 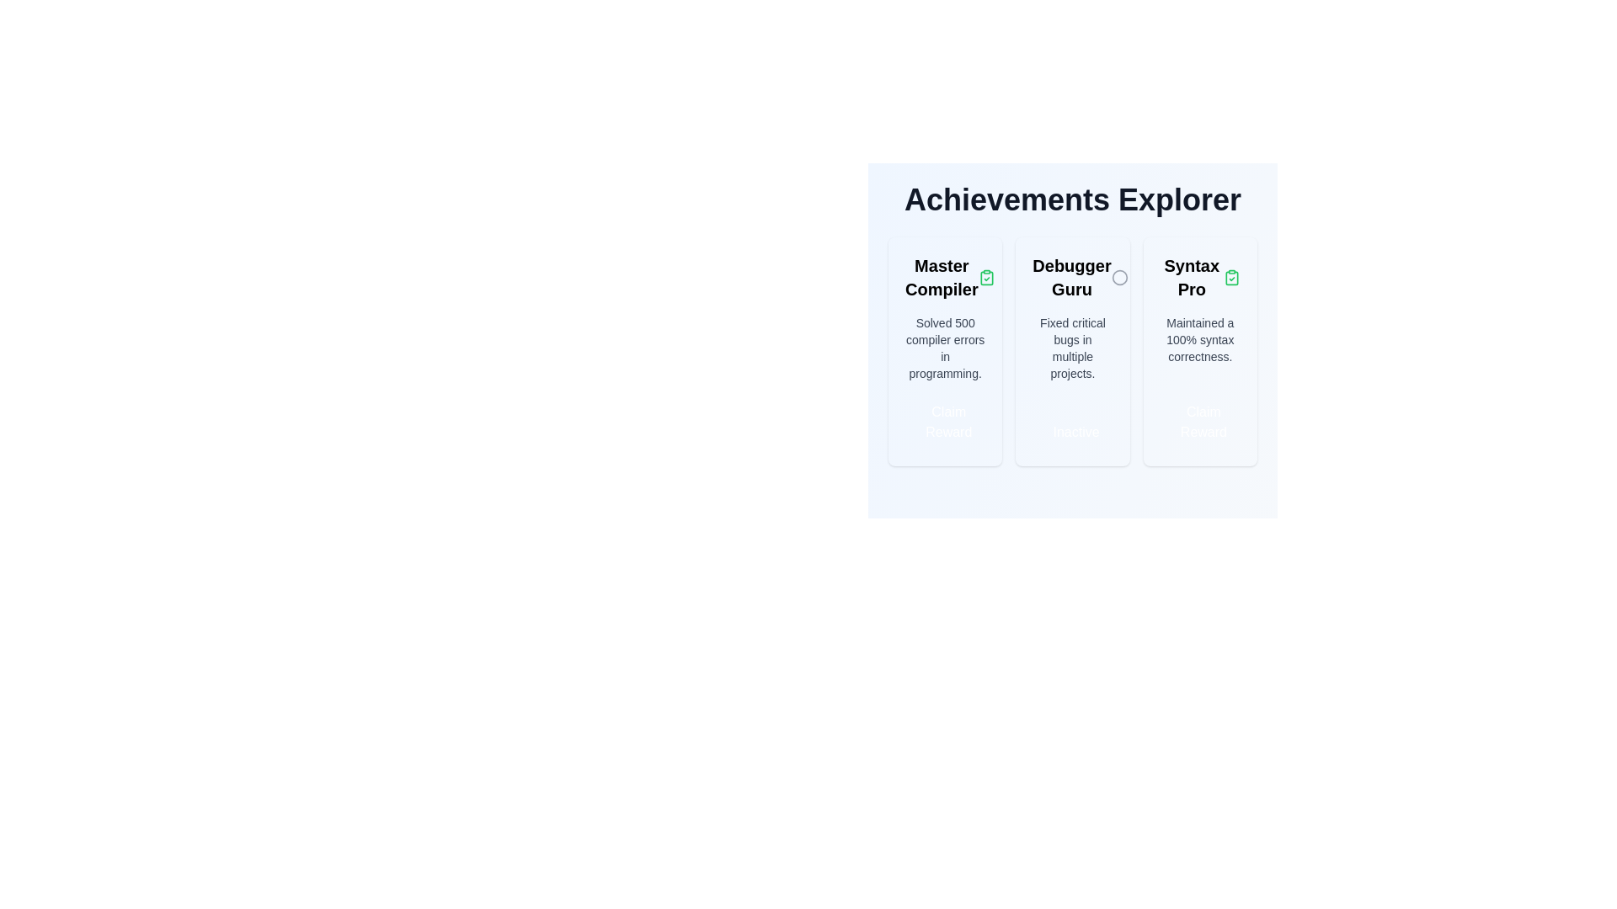 I want to click on the text label displaying 'Master Compiler' which is styled in bold and larger font within the 'Achievements Explorer' section, so click(x=941, y=277).